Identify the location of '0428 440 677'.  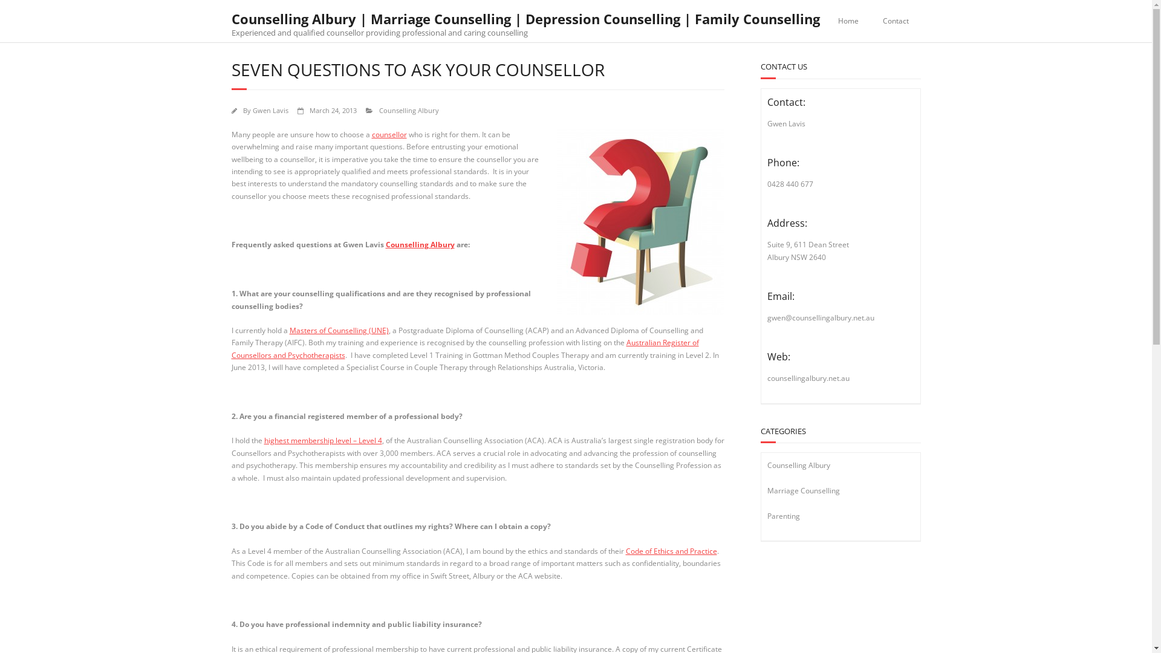
(789, 184).